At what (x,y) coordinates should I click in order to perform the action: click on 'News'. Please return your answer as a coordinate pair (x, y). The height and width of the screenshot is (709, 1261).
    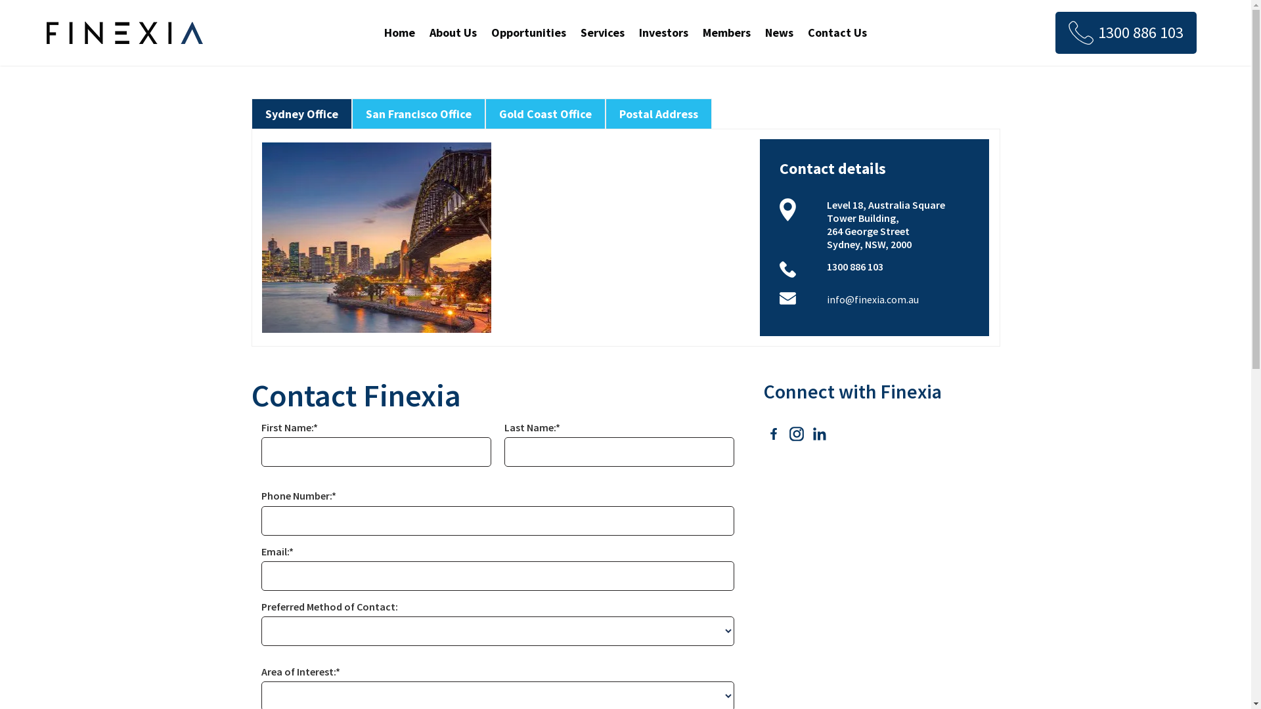
    Looking at the image, I should click on (779, 32).